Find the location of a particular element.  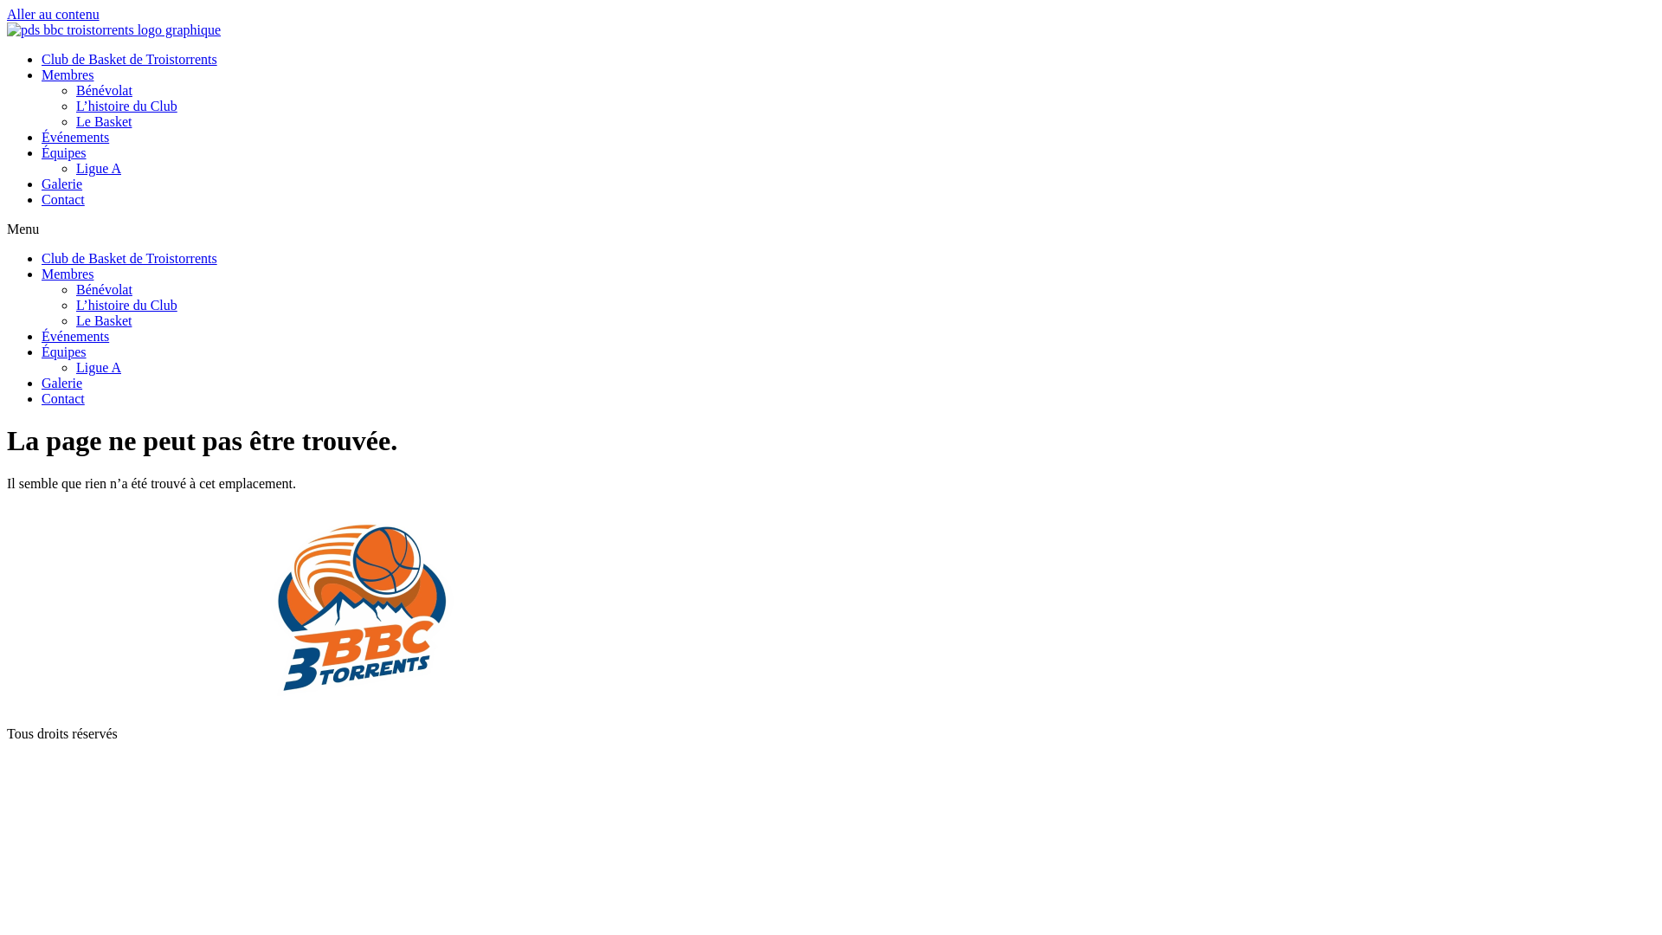

'Le Basket' is located at coordinates (103, 320).